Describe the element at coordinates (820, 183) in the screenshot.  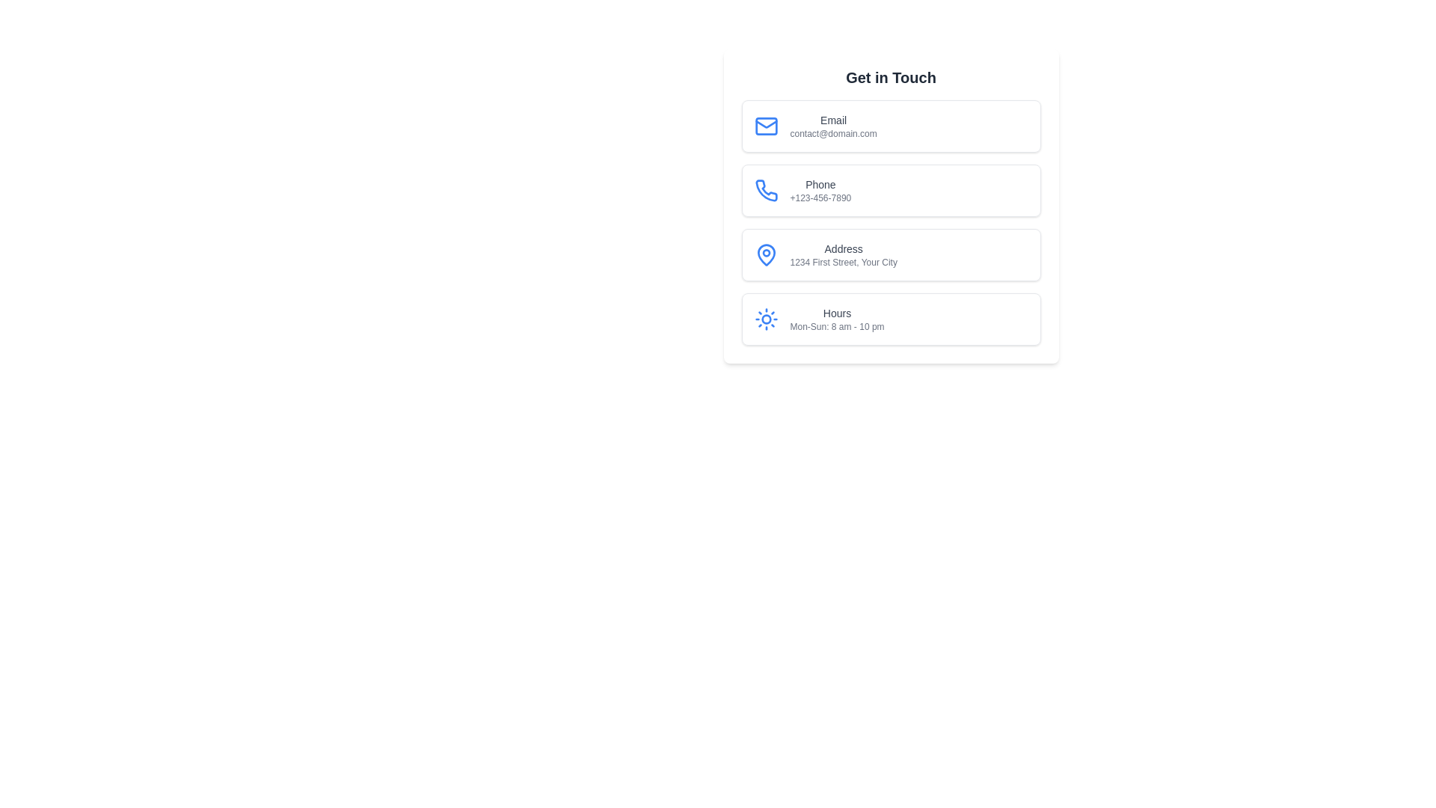
I see `the Text label that provides context for the contact number located above '+123-456-7890' in the 'Phone' section of the contact information list` at that location.